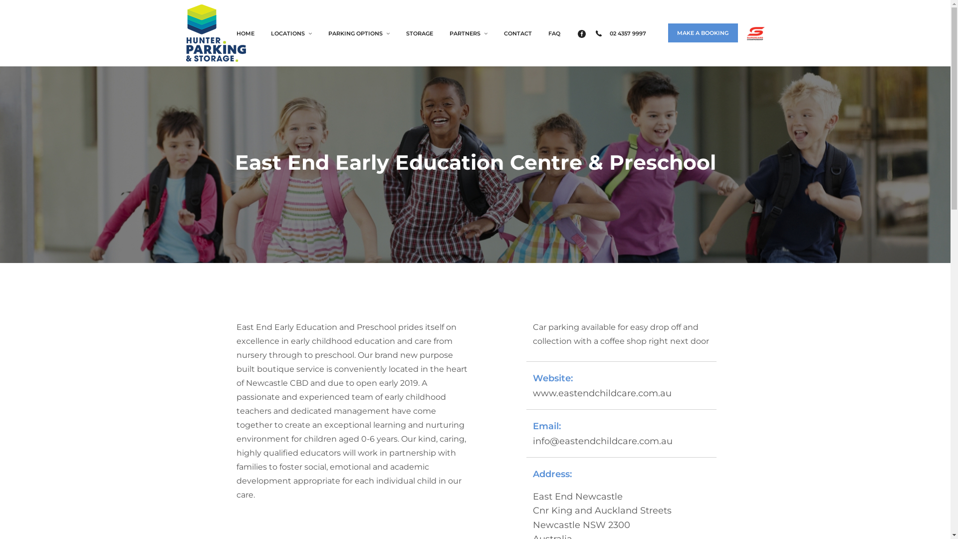  I want to click on 'CONTACT', so click(495, 32).